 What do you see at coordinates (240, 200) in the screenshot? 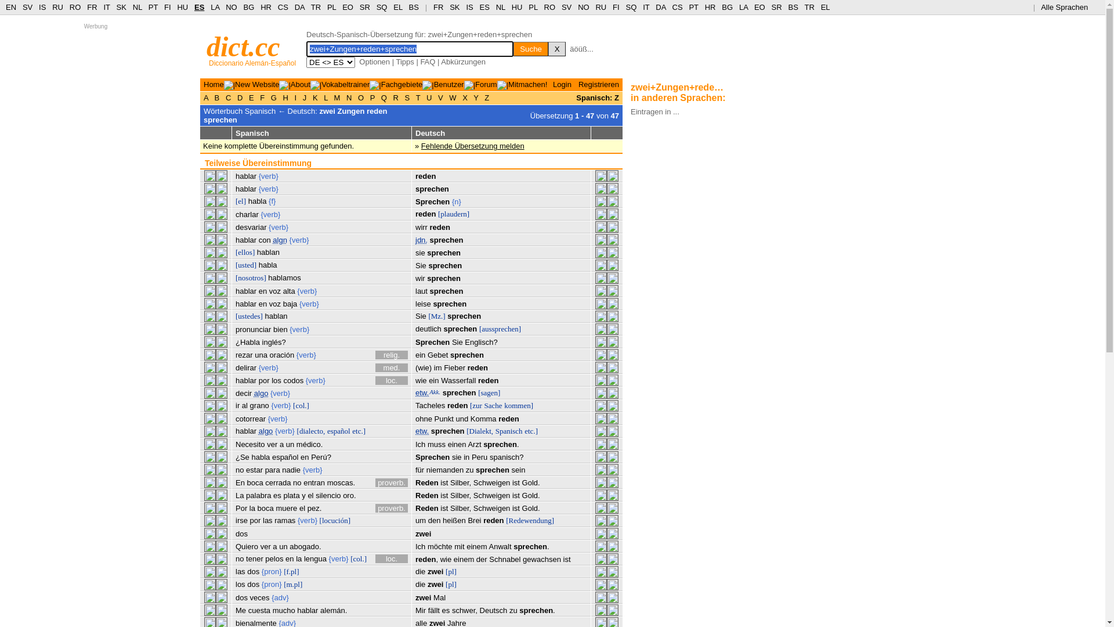
I see `'[el]'` at bounding box center [240, 200].